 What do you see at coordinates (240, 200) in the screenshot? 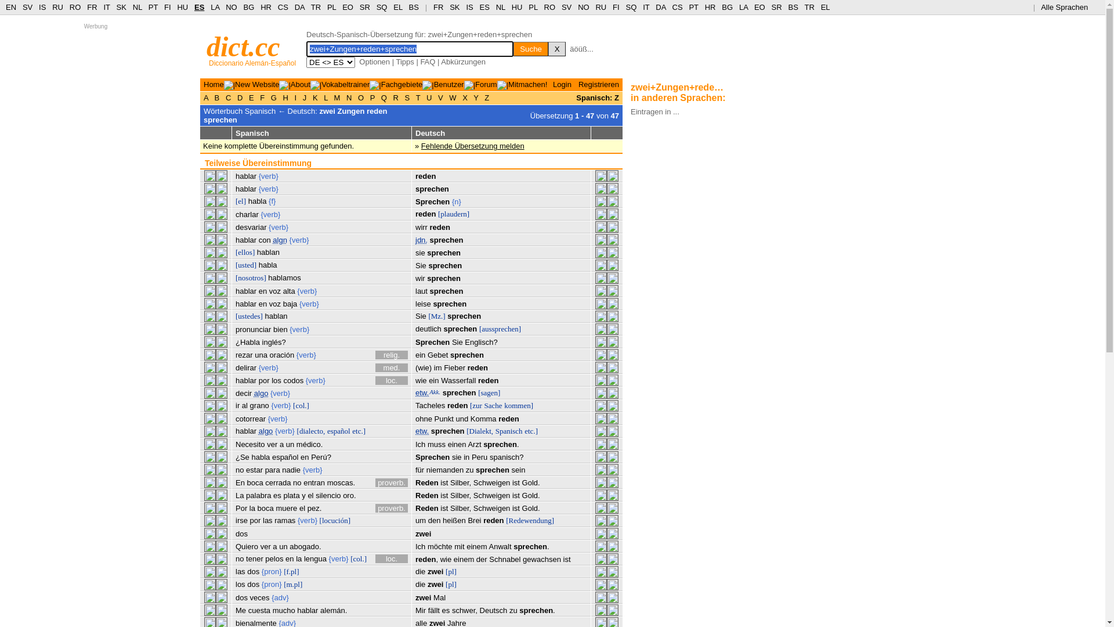
I see `'[el]'` at bounding box center [240, 200].